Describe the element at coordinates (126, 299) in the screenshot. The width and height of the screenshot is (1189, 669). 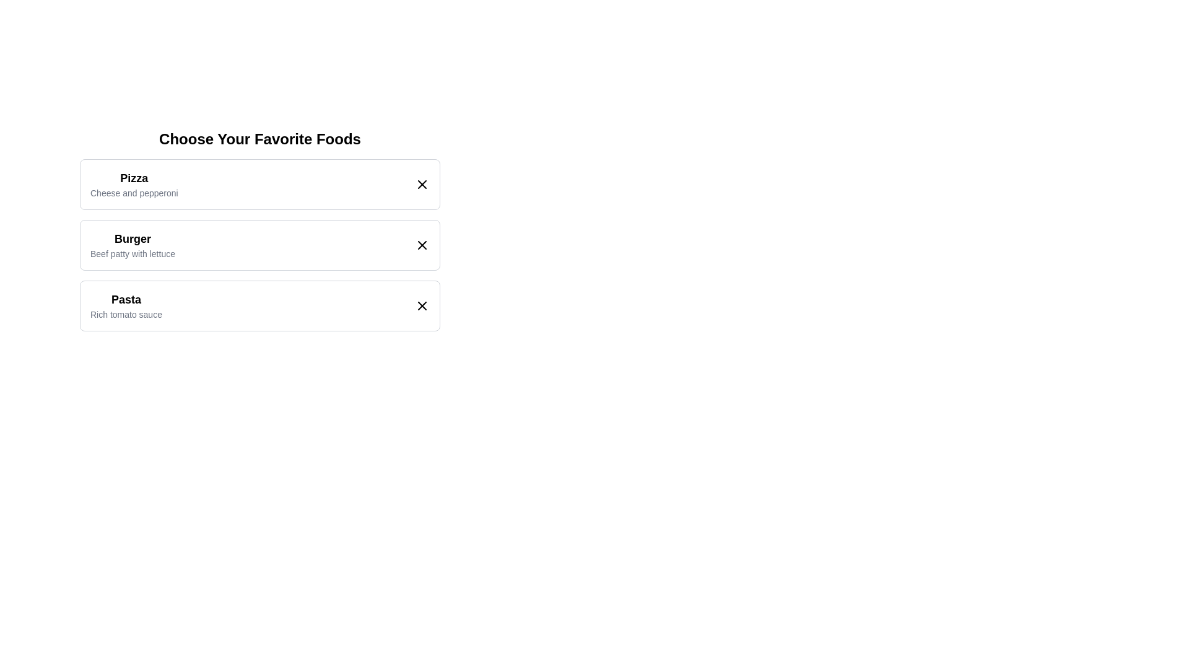
I see `text from the 'Pasta' label, which is the third item in the vertically structured list of food items` at that location.